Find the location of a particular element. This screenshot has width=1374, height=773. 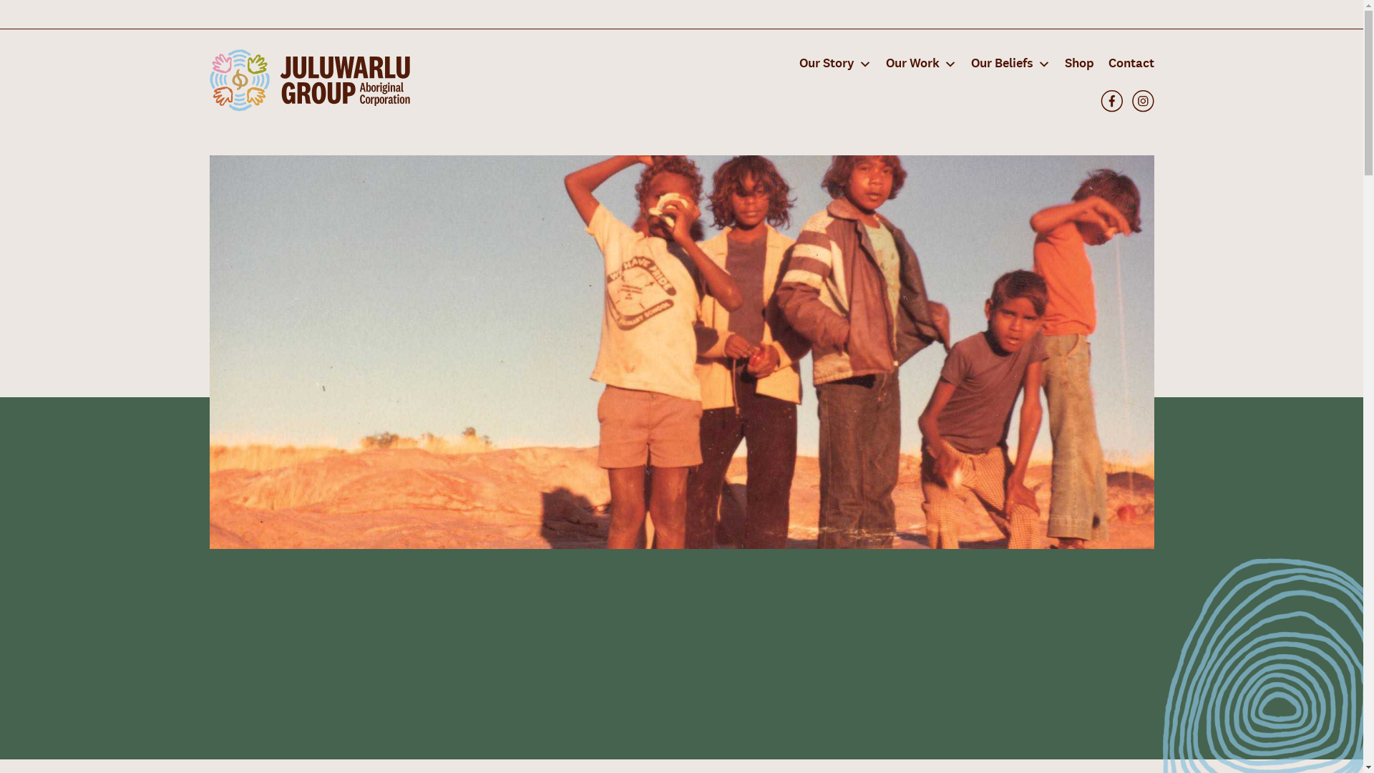

'Contact' is located at coordinates (1126, 62).